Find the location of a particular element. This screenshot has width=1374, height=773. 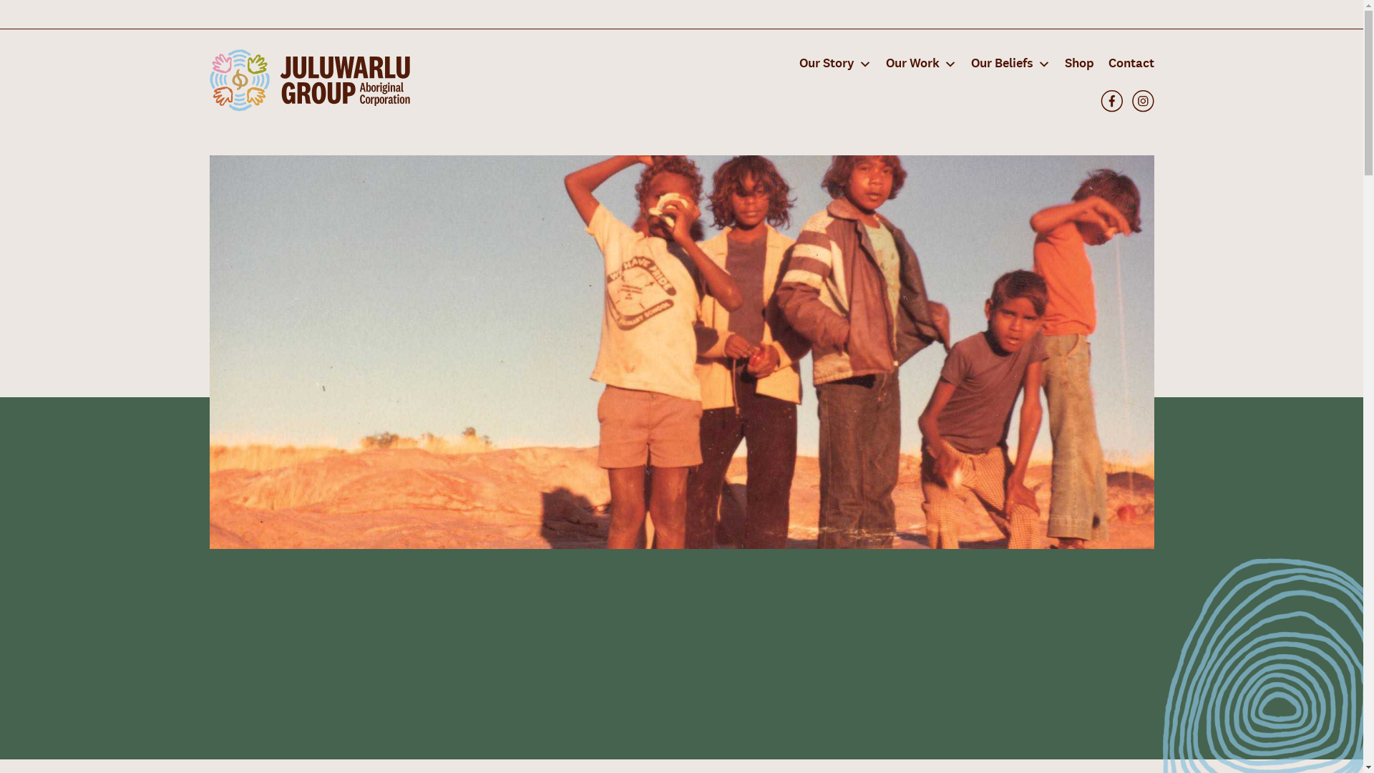

'Contact' is located at coordinates (1126, 62).